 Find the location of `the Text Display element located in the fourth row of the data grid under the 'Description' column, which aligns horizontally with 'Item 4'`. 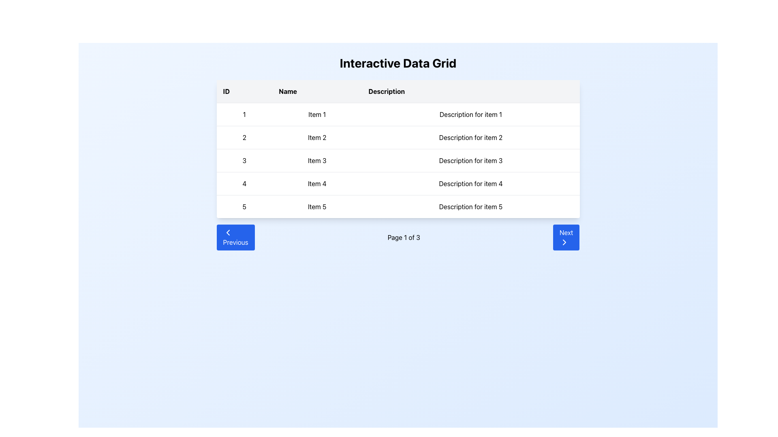

the Text Display element located in the fourth row of the data grid under the 'Description' column, which aligns horizontally with 'Item 4' is located at coordinates (470, 184).